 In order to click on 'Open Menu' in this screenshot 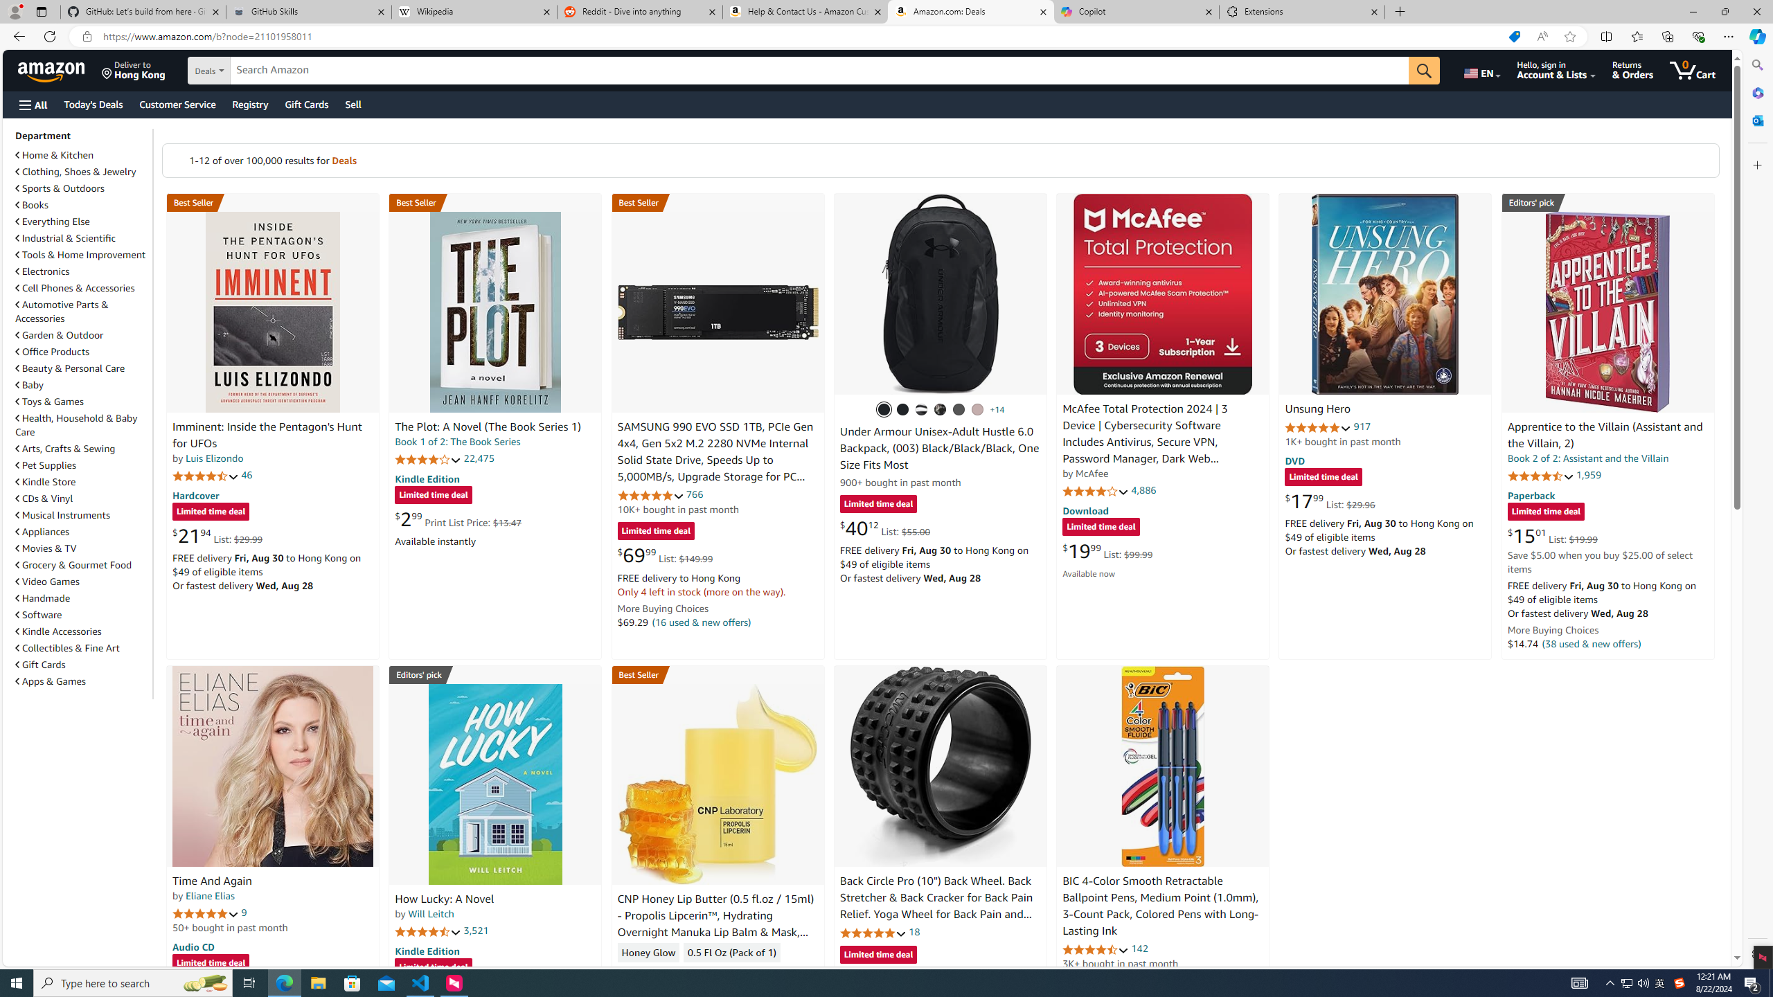, I will do `click(32, 104)`.